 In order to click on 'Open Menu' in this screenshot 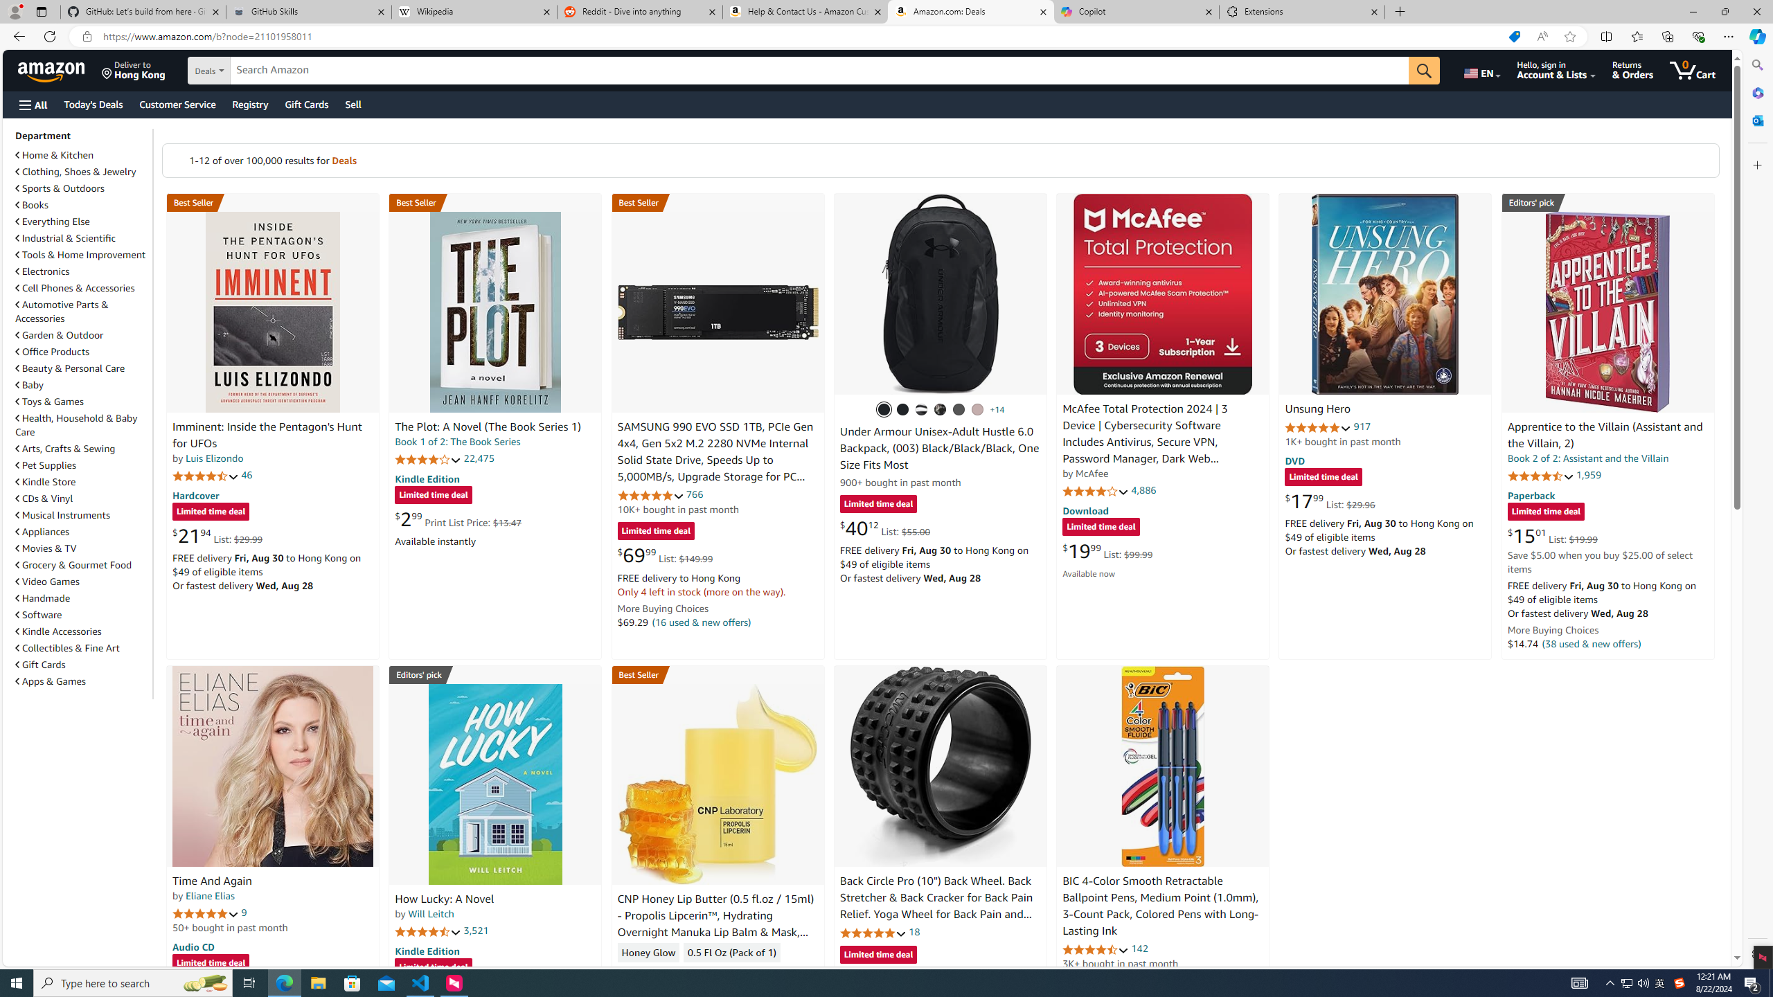, I will do `click(32, 104)`.